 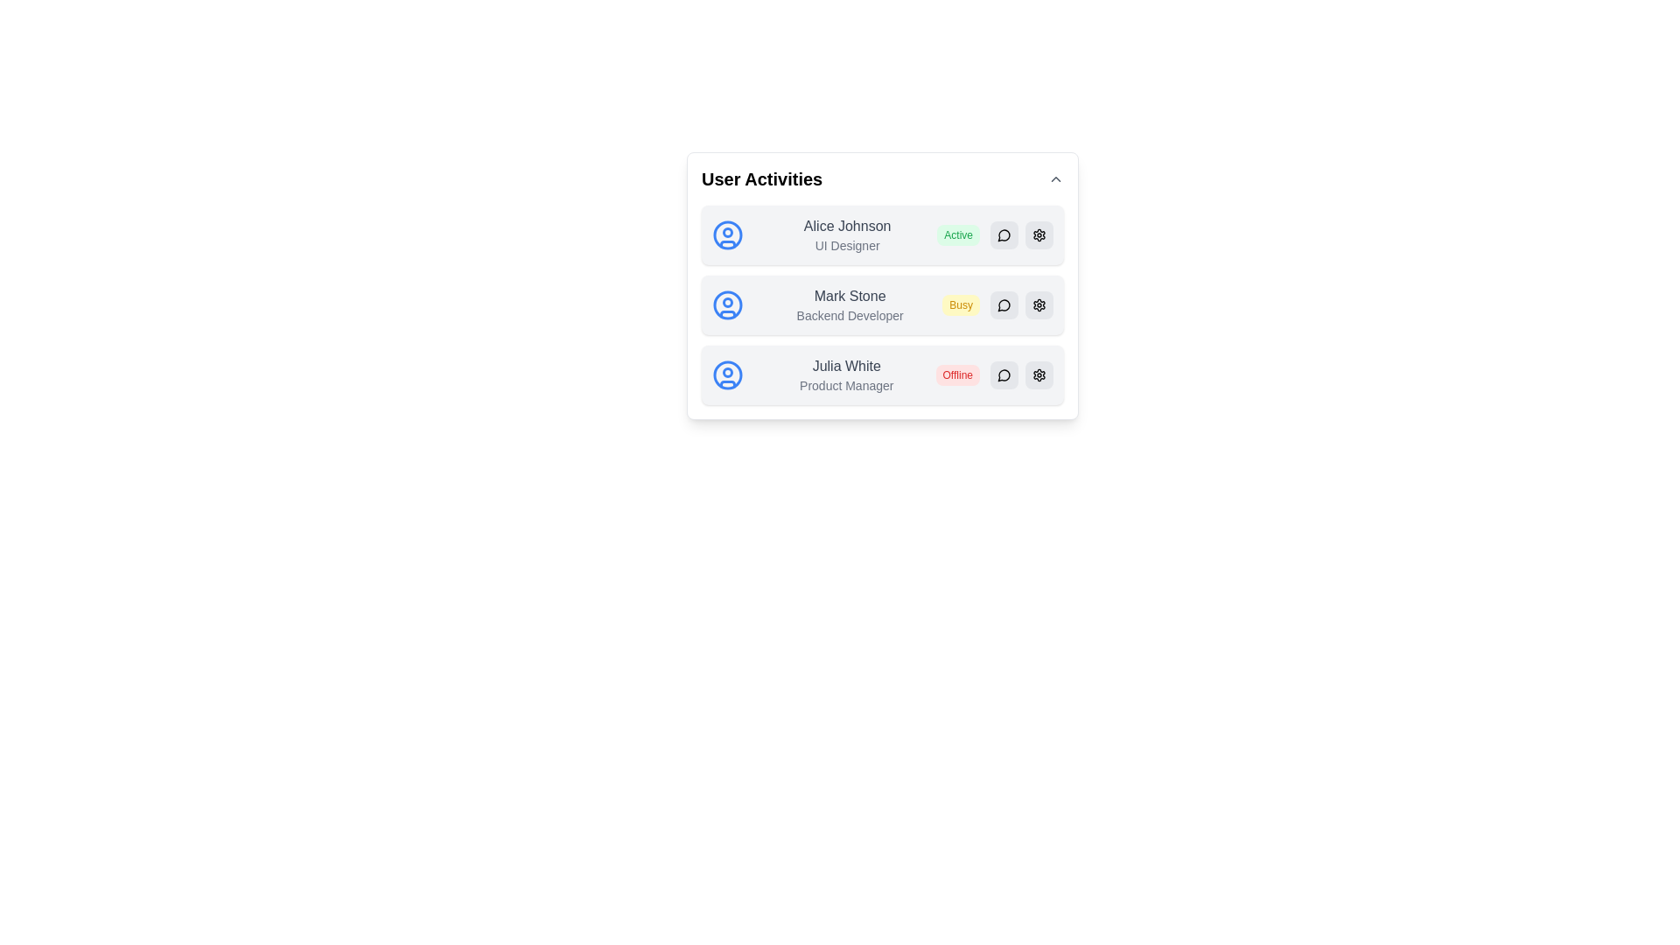 I want to click on the rounded square button with a gear icon, so click(x=1039, y=234).